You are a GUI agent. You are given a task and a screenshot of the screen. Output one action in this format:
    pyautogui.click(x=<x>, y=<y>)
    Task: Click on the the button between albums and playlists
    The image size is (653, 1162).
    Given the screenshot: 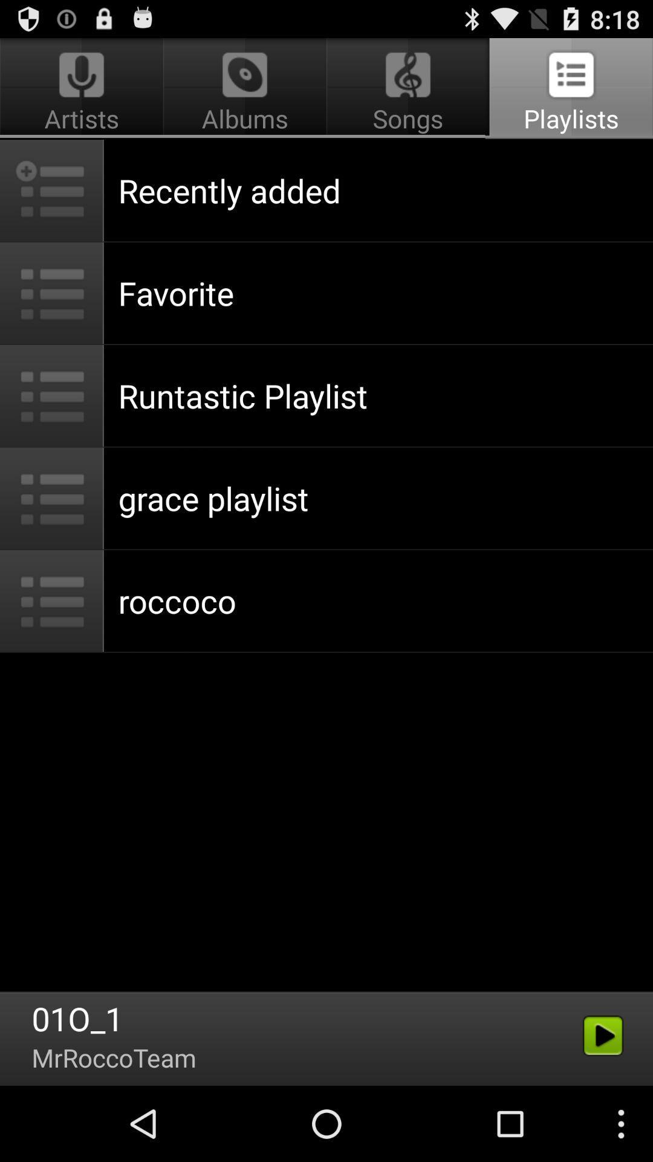 What is the action you would take?
    pyautogui.click(x=408, y=88)
    